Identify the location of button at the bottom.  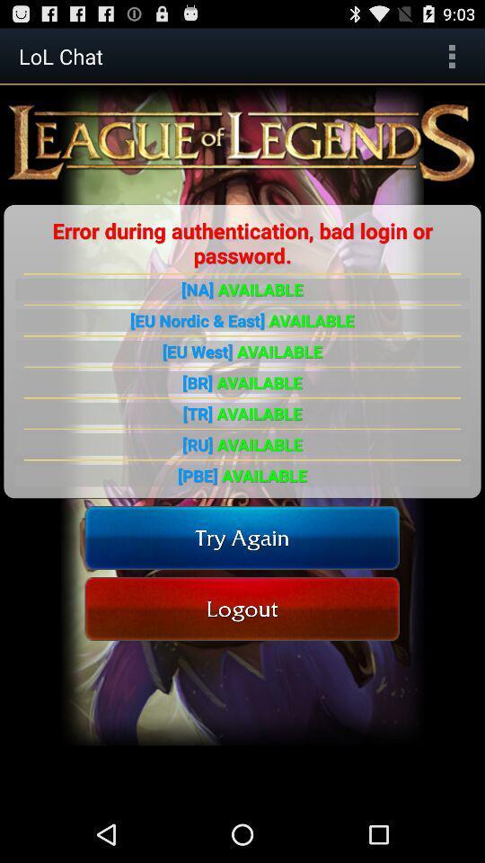
(242, 609).